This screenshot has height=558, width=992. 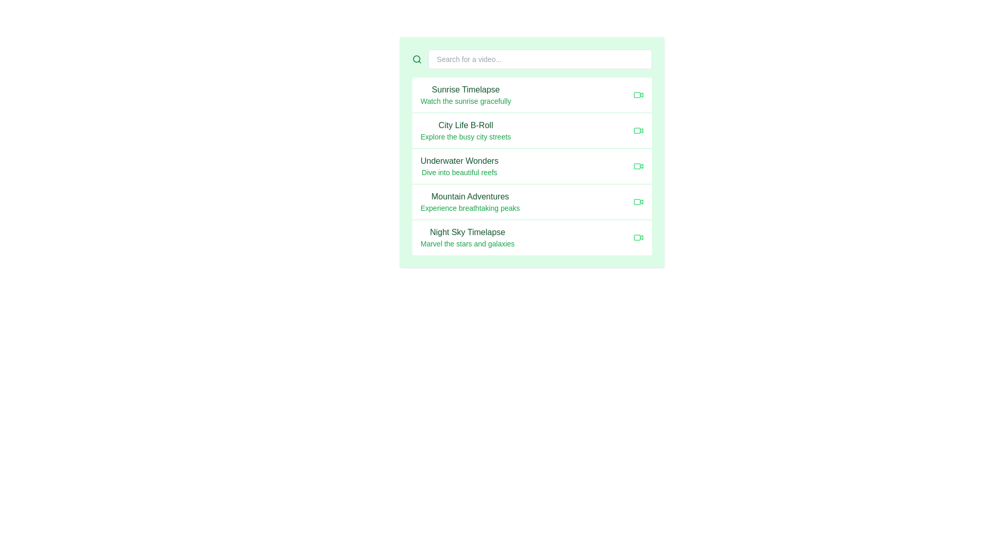 What do you see at coordinates (459, 172) in the screenshot?
I see `the static text element that provides additional context for the title 'Underwater Wonders', located directly below it in a vertical list` at bounding box center [459, 172].